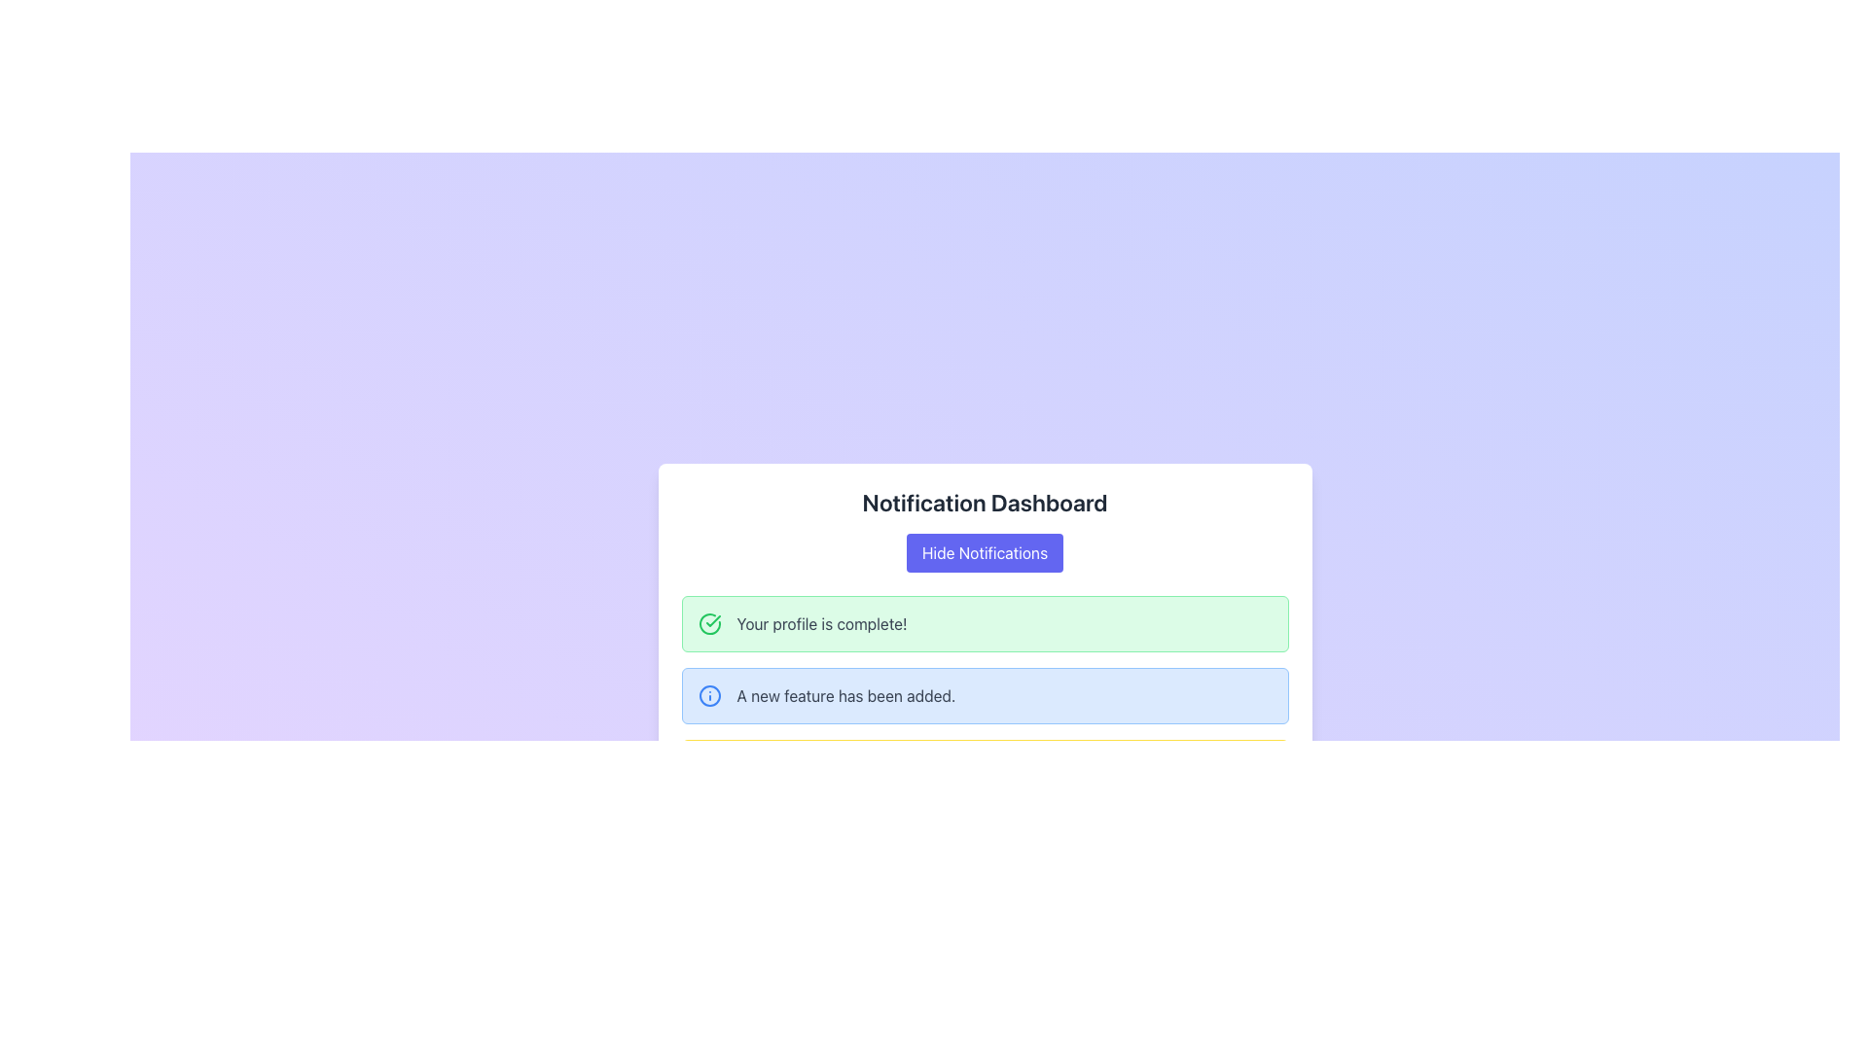 The image size is (1868, 1050). I want to click on the button that toggles the visibility of notifications, located below the 'Notification Dashboard' heading and above the notification messages list, so click(985, 553).